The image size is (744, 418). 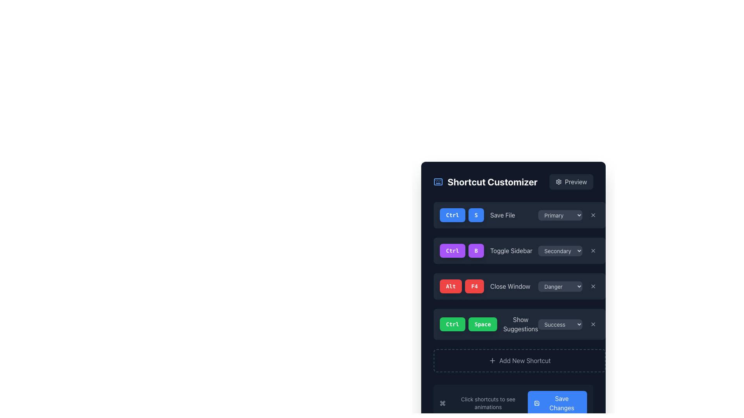 What do you see at coordinates (536, 403) in the screenshot?
I see `the save icon, which resembles a floppy disk, located within the 'Save Changes' button, positioned before the text 'Save Changes'` at bounding box center [536, 403].